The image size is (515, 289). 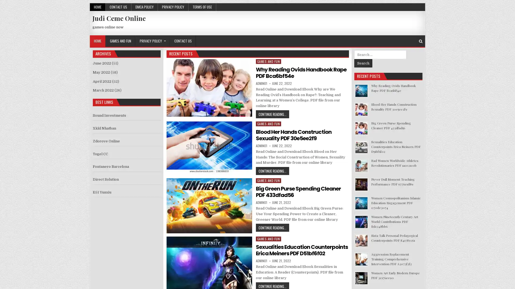 I want to click on Search, so click(x=363, y=63).